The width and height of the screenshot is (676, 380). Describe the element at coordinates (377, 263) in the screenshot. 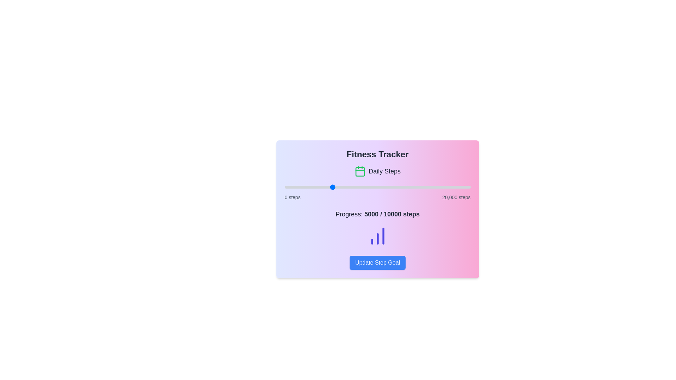

I see `the 'Update Step Goal' button` at that location.